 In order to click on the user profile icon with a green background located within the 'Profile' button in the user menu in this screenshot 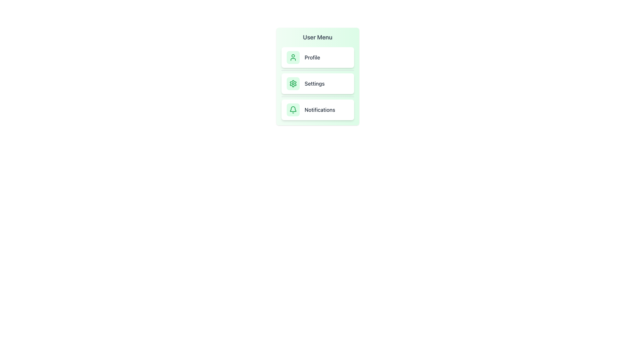, I will do `click(293, 57)`.